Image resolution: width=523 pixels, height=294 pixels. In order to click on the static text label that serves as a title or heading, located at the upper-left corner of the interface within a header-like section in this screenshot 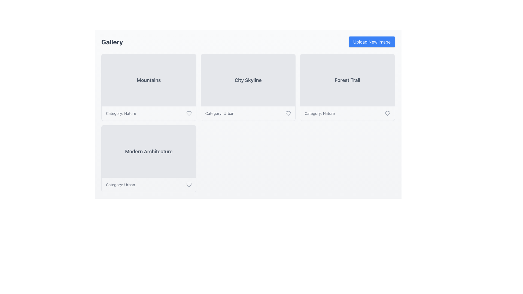, I will do `click(112, 42)`.